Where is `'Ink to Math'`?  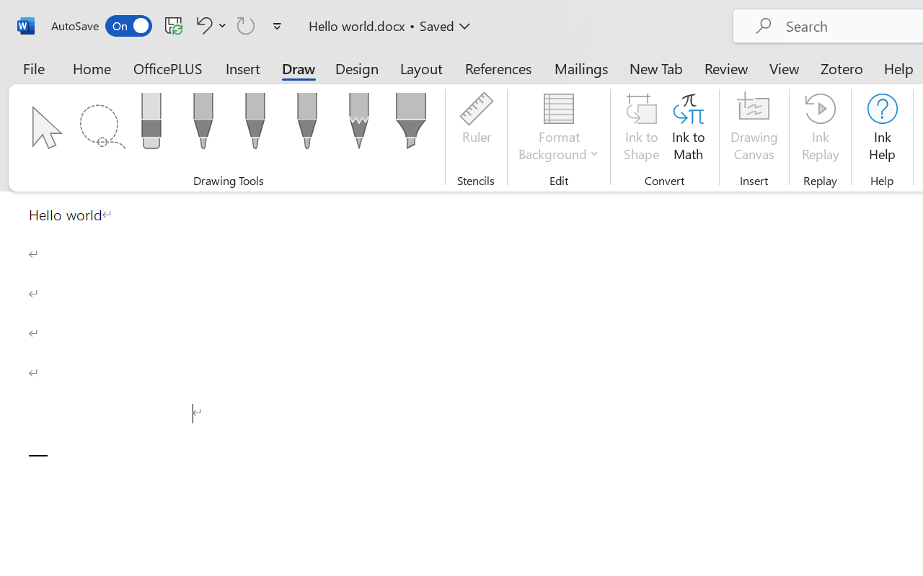
'Ink to Math' is located at coordinates (687, 129).